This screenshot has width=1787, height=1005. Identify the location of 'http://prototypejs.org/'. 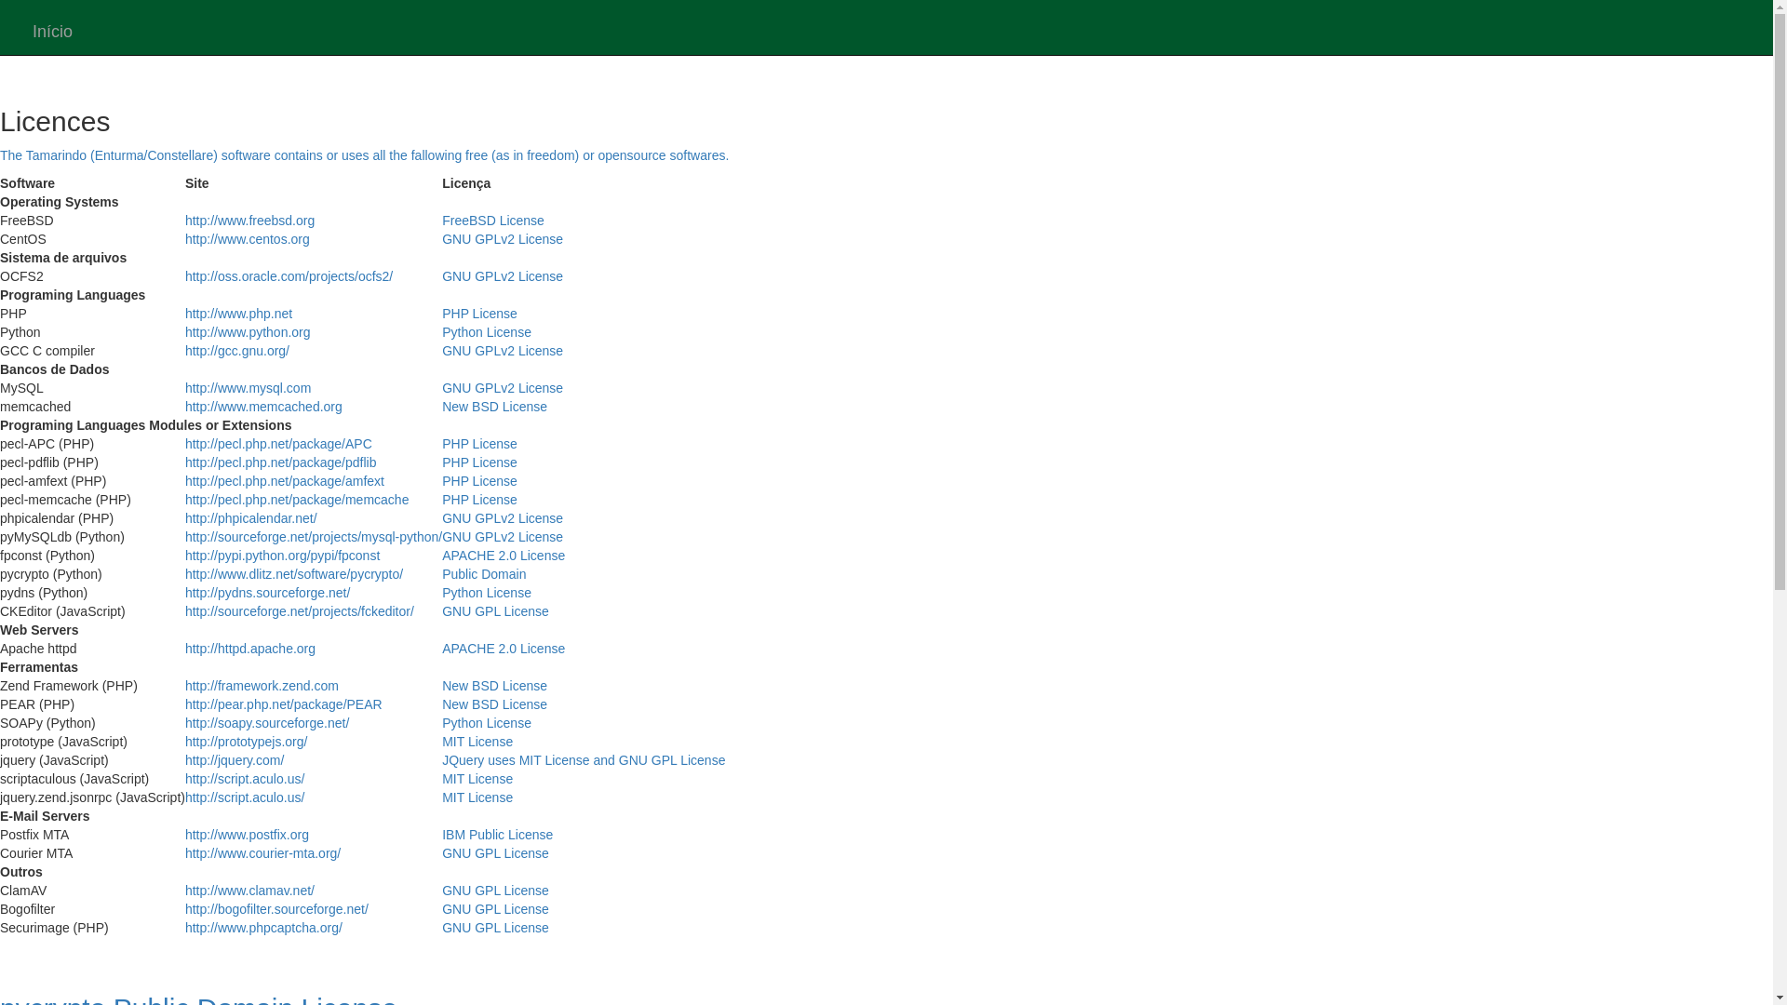
(184, 741).